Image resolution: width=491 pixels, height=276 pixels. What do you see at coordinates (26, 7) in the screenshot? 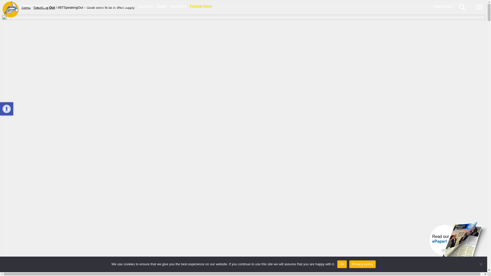
I see `'Home'` at bounding box center [26, 7].